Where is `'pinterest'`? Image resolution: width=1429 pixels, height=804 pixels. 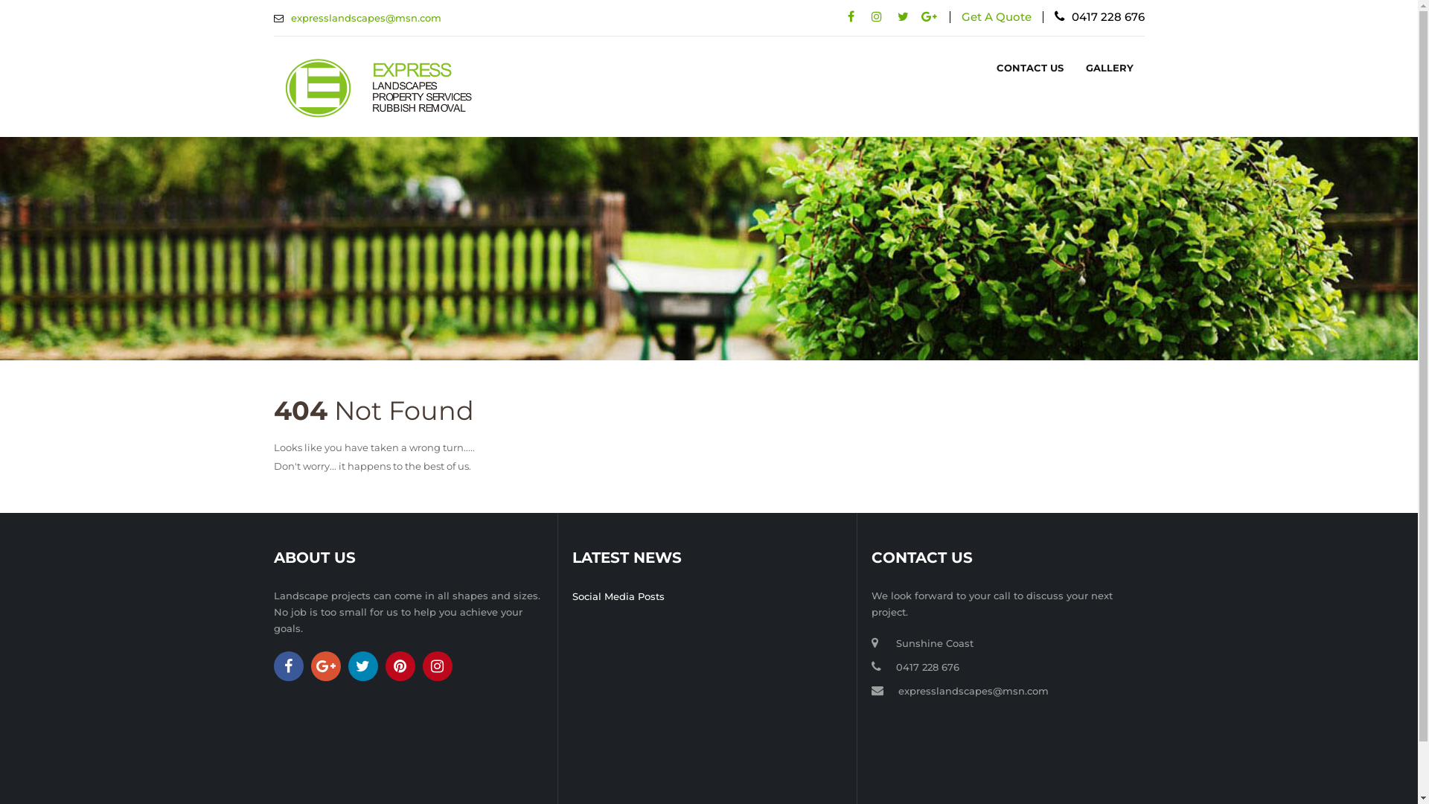 'pinterest' is located at coordinates (400, 665).